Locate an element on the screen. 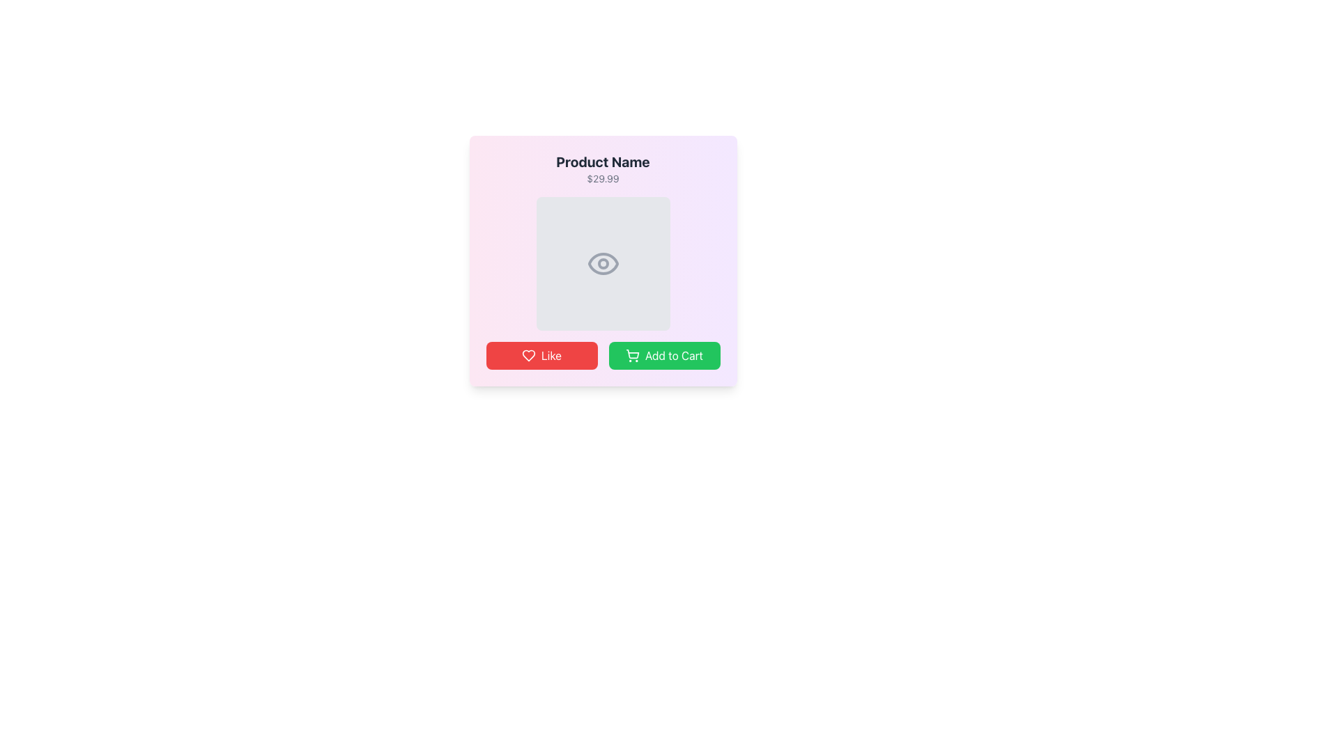 This screenshot has width=1338, height=752. the heart icon located within the red 'Like' button at the bottom of the product card for potential visual feedback is located at coordinates (528, 354).